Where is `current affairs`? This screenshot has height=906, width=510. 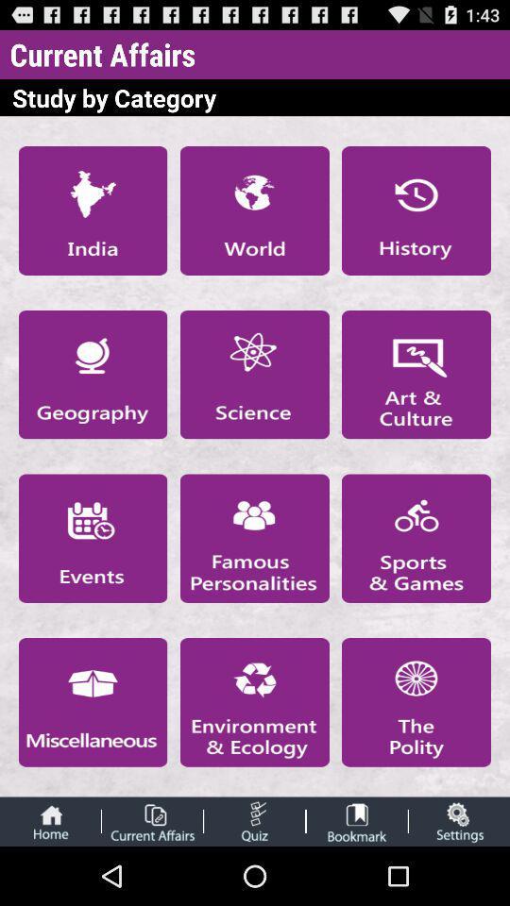 current affairs is located at coordinates (151, 820).